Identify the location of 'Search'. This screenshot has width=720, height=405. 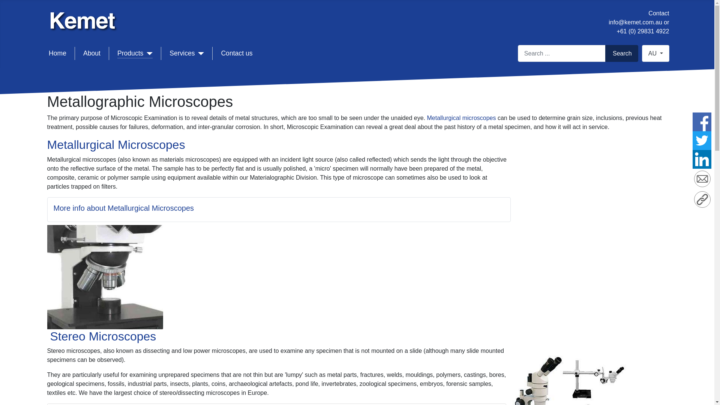
(621, 53).